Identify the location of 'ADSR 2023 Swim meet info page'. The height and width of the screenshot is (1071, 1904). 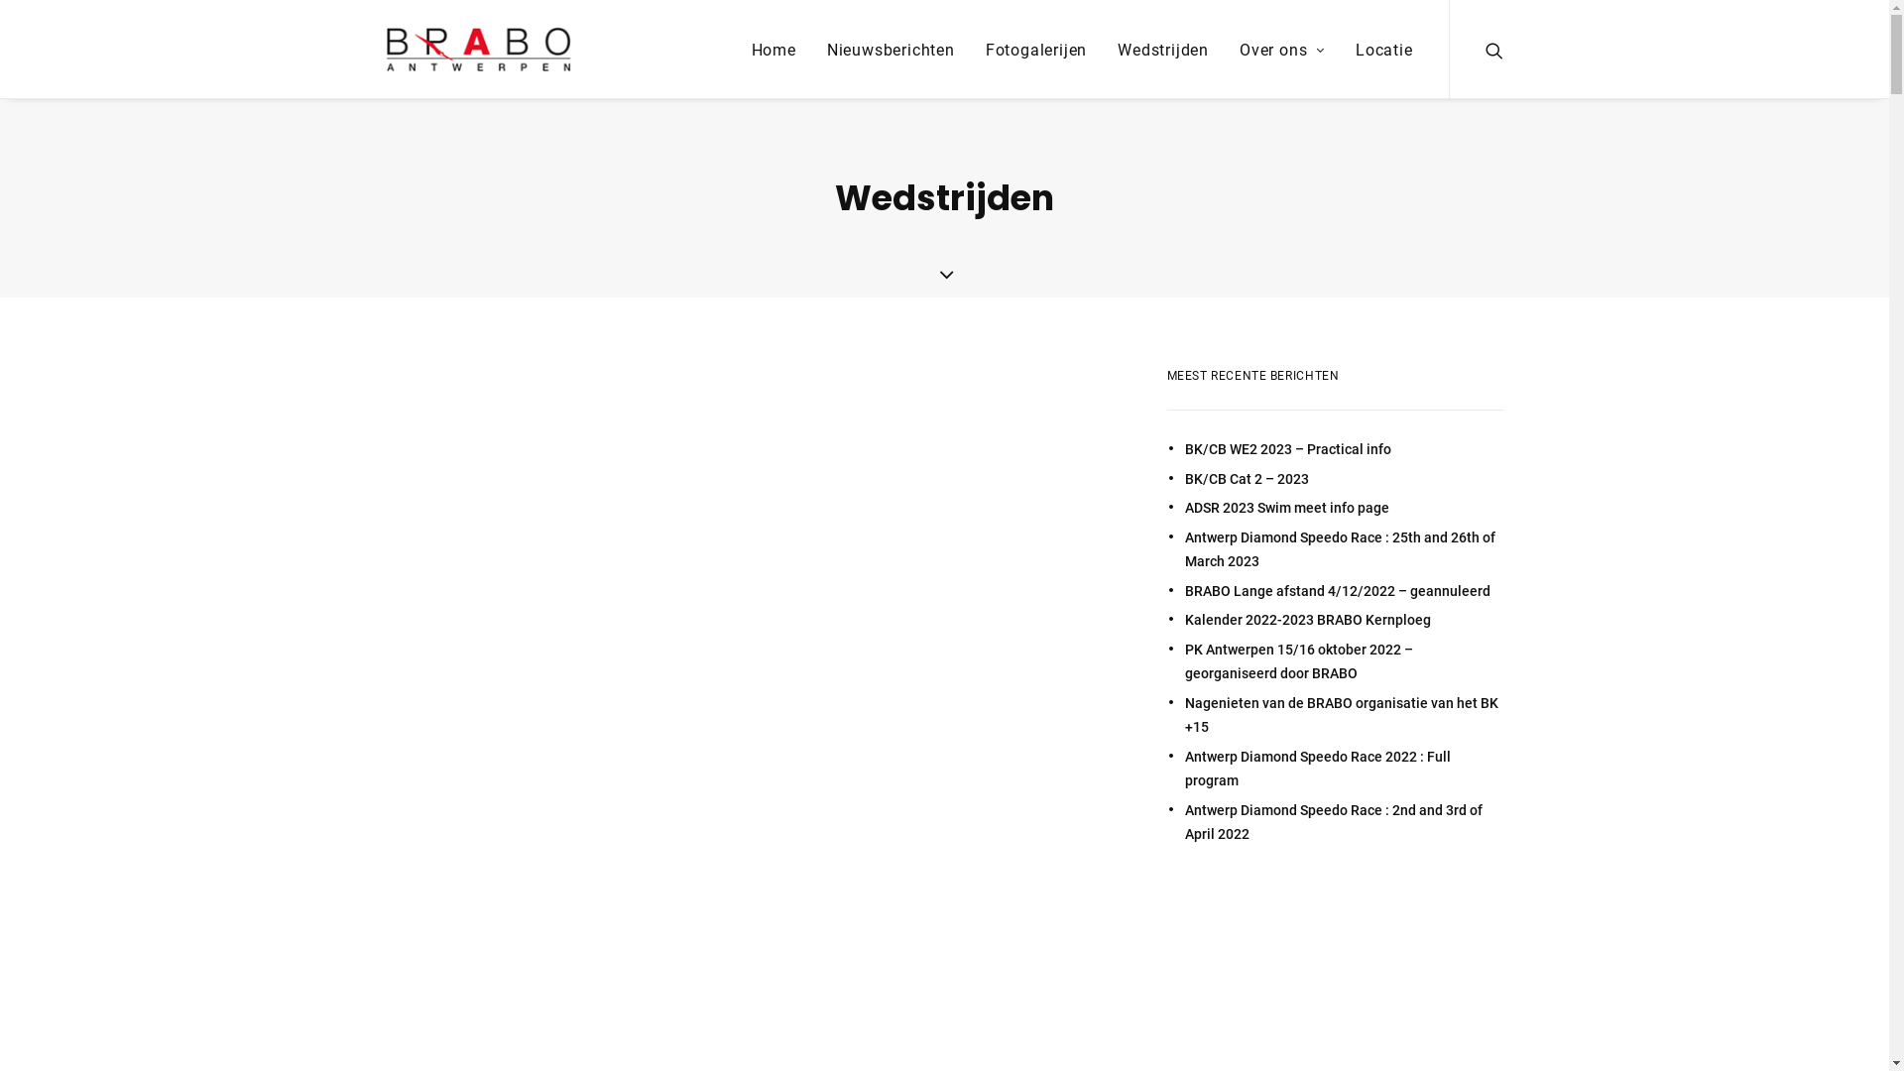
(1343, 507).